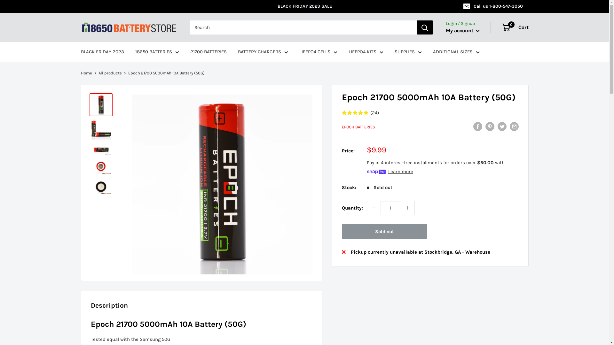 This screenshot has width=614, height=345. Describe the element at coordinates (135, 51) in the screenshot. I see `'18650 BATTERIES'` at that location.